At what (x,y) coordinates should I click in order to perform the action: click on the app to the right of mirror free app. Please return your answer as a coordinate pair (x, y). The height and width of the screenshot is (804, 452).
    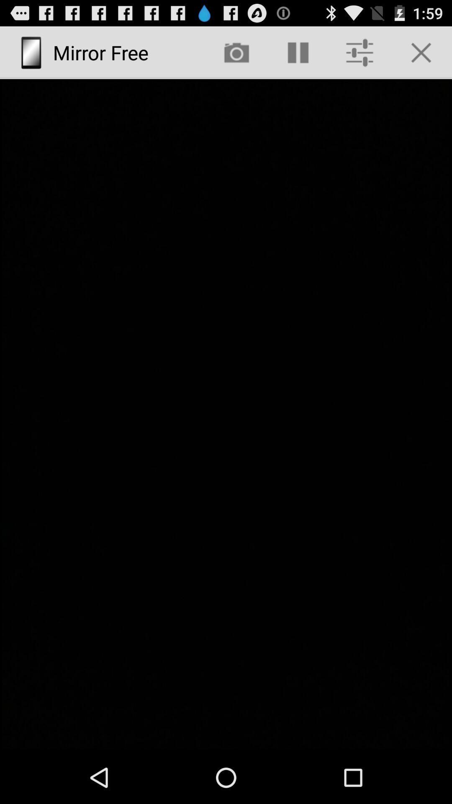
    Looking at the image, I should click on (236, 52).